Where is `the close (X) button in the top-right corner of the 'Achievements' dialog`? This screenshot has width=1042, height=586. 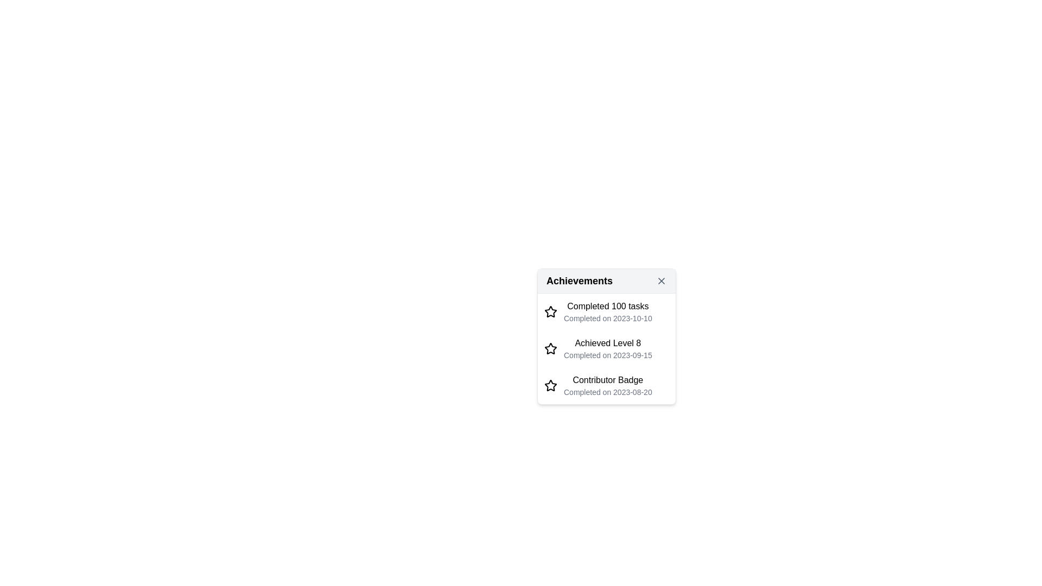 the close (X) button in the top-right corner of the 'Achievements' dialog is located at coordinates (661, 280).